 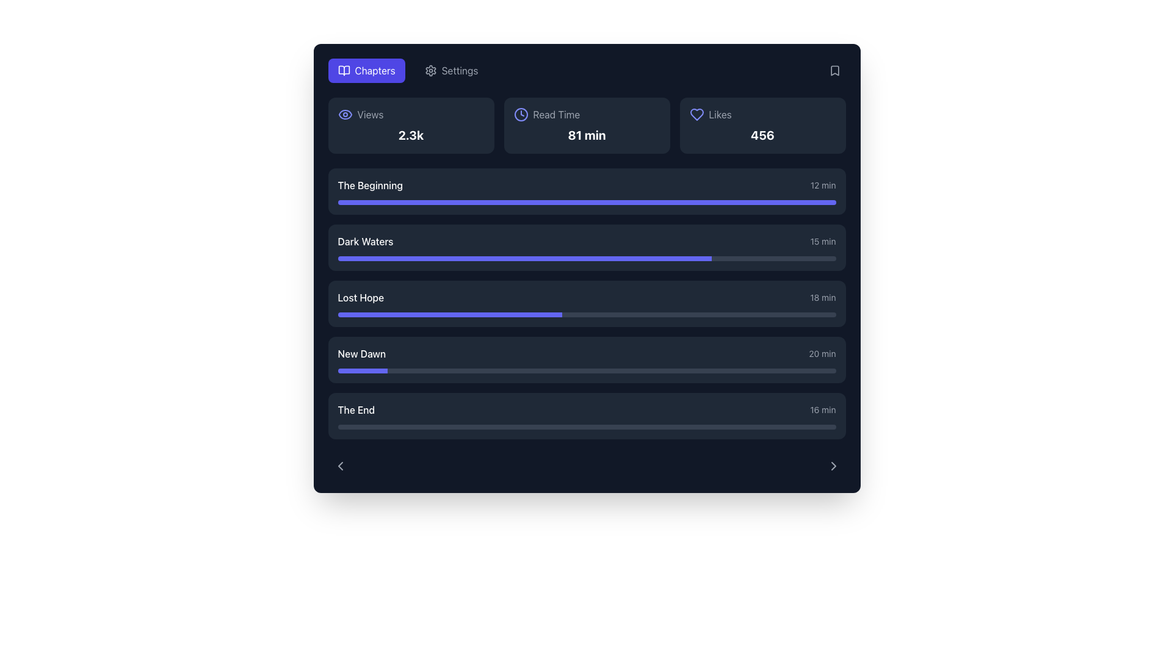 What do you see at coordinates (343, 70) in the screenshot?
I see `the SVG icon resembling an open book located within the 'Chapters' button on the left side of the top navigation bar` at bounding box center [343, 70].